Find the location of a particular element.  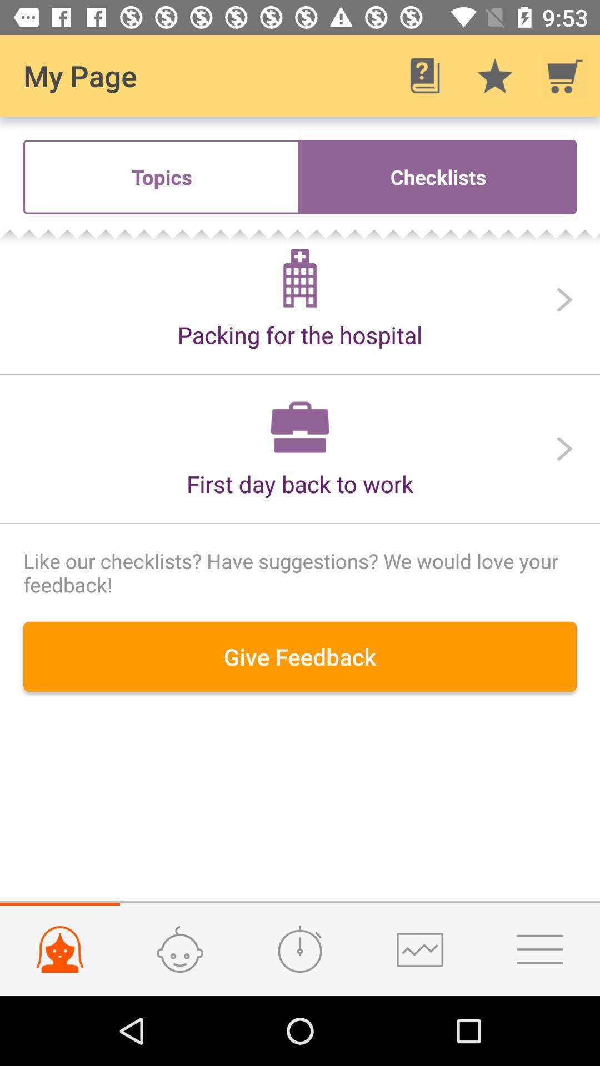

icon to the left of the checklists is located at coordinates (161, 176).